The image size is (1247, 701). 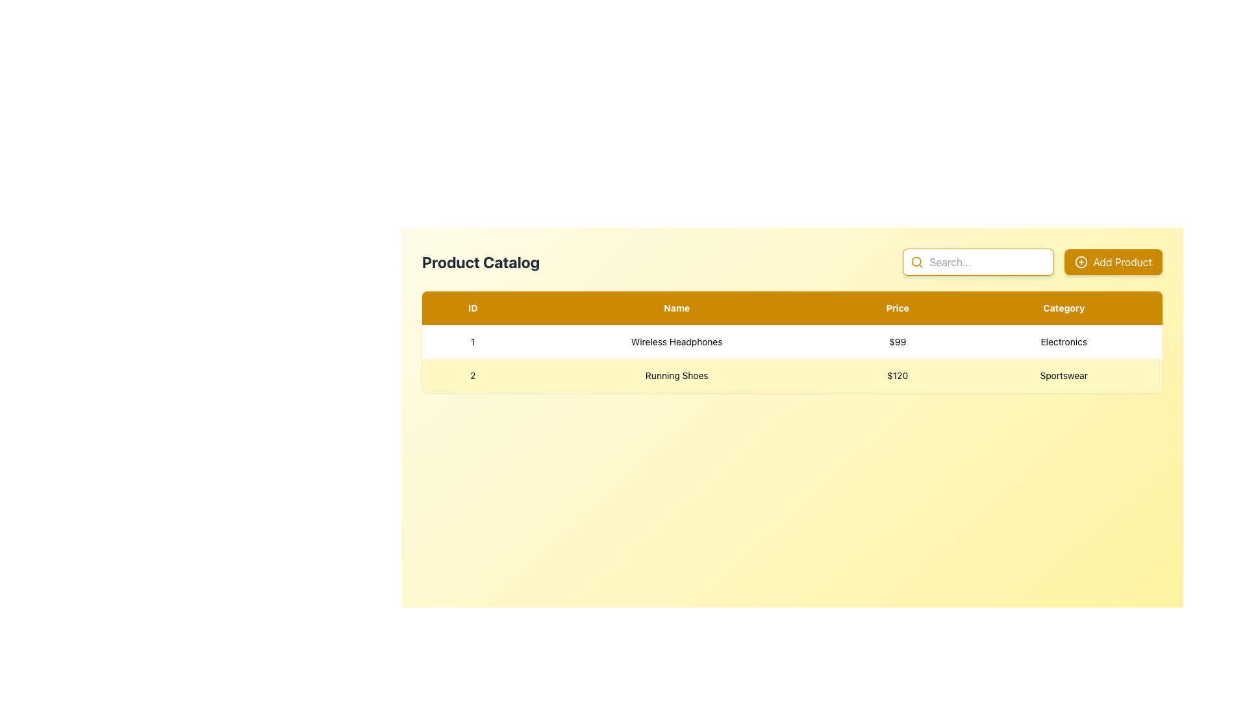 What do you see at coordinates (1081, 262) in the screenshot?
I see `the circular plus icon with a yellow fill and white outline located to the left of the 'Add Product' button` at bounding box center [1081, 262].